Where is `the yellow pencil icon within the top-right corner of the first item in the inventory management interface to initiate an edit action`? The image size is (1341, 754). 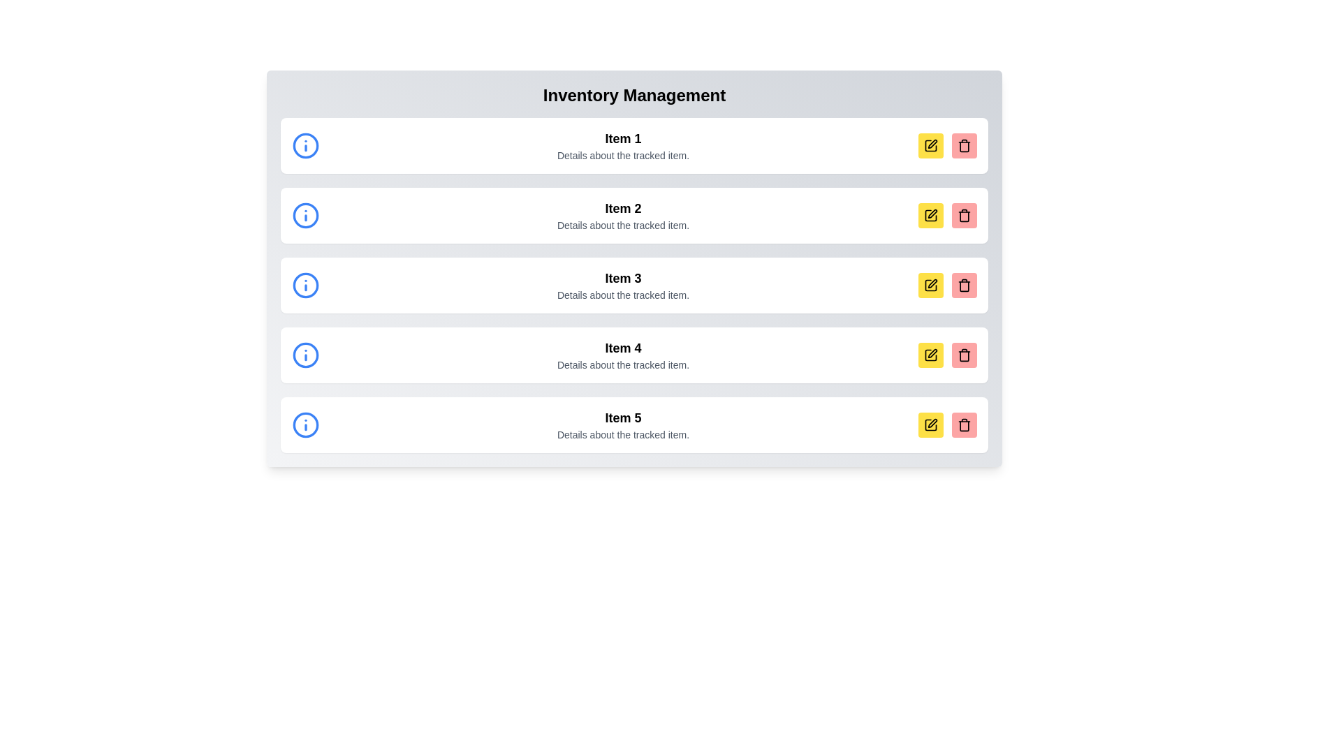
the yellow pencil icon within the top-right corner of the first item in the inventory management interface to initiate an edit action is located at coordinates (931, 145).